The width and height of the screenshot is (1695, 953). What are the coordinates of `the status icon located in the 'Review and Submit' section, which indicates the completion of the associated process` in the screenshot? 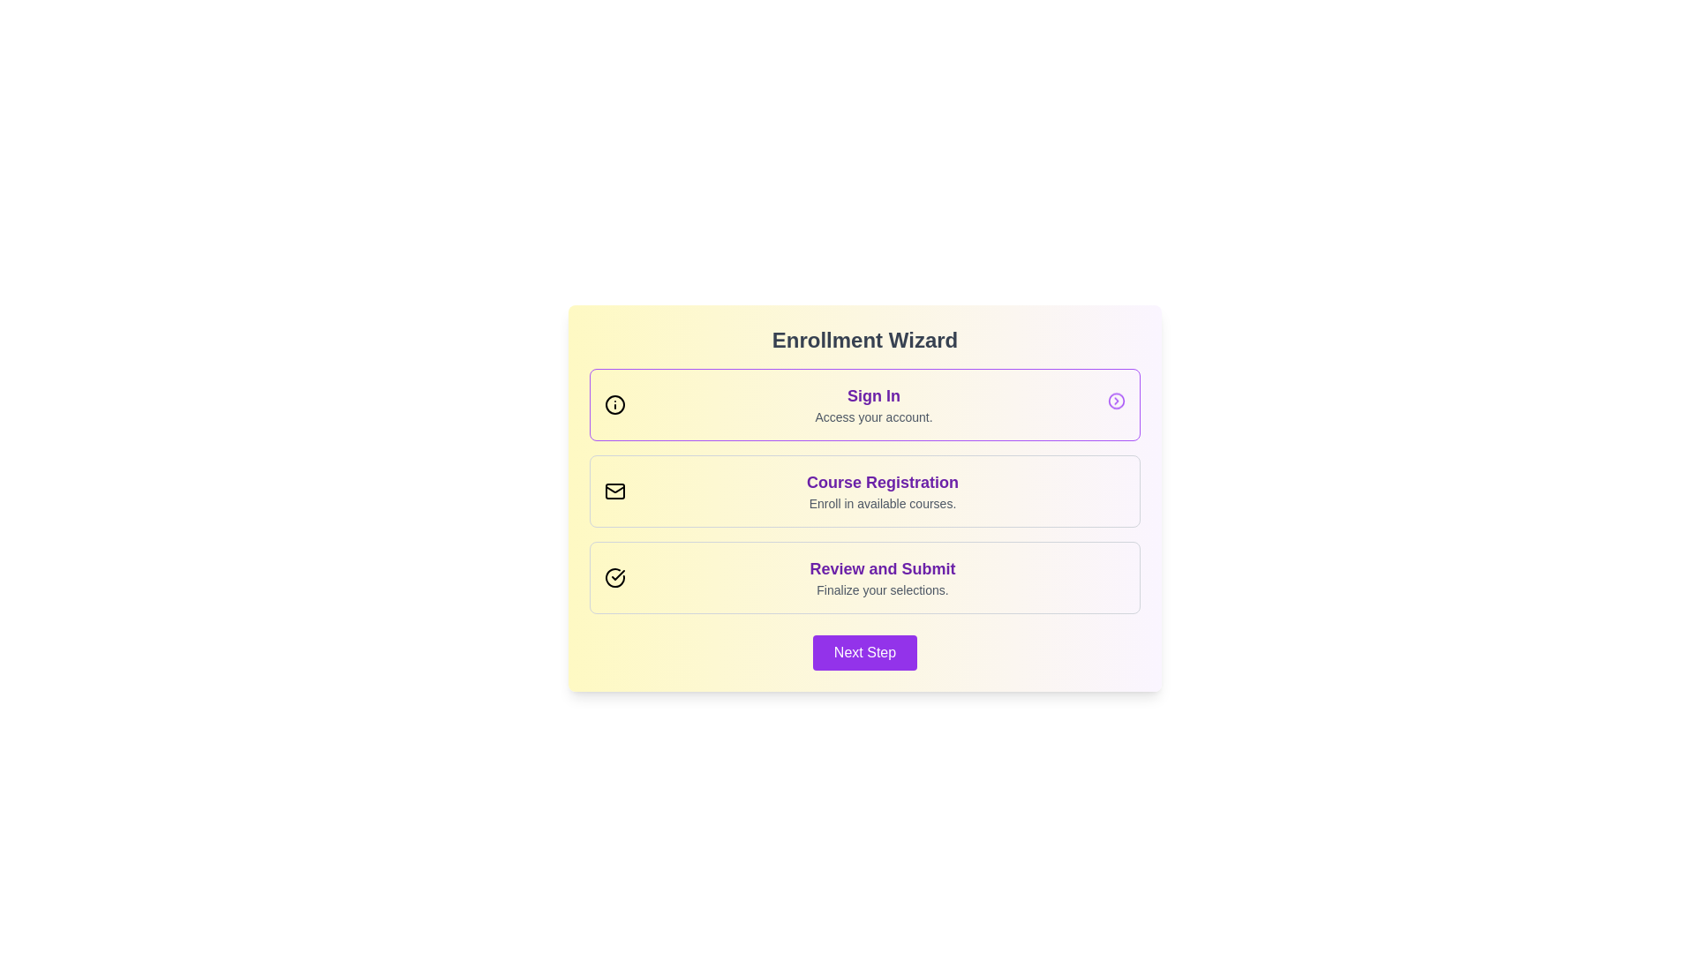 It's located at (614, 578).